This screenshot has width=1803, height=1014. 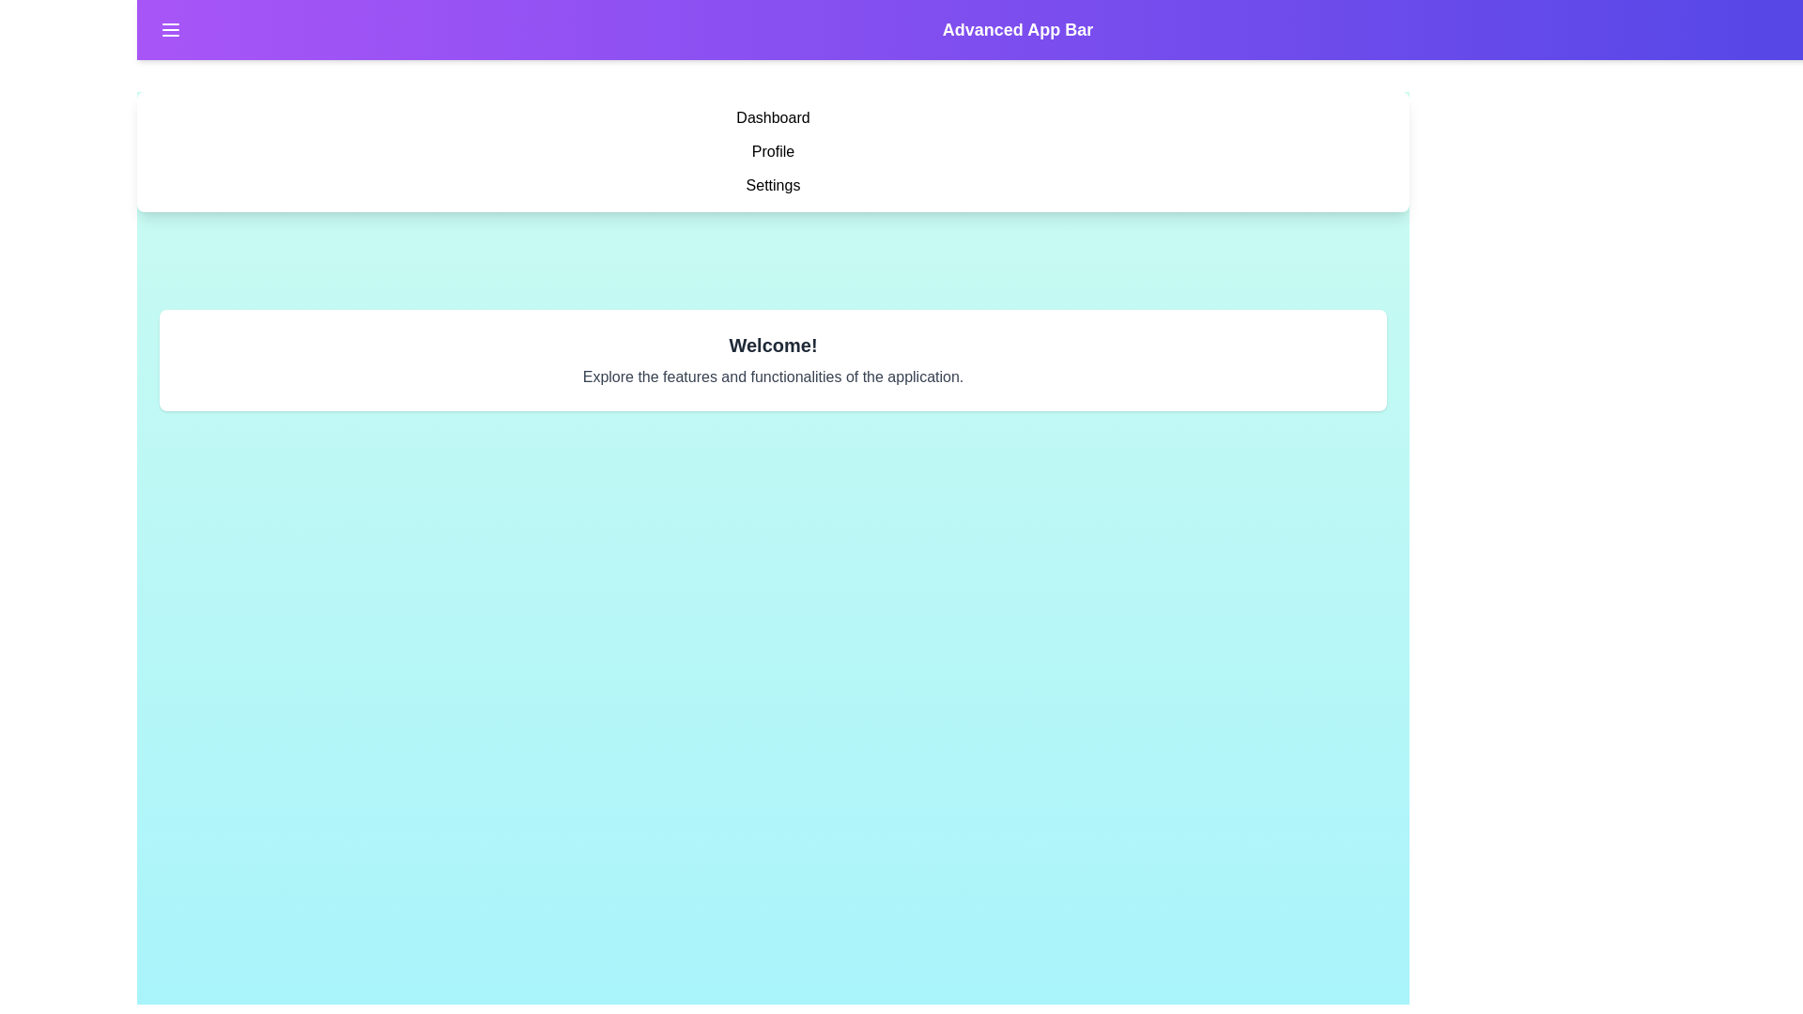 I want to click on the menu button to toggle the menu visibility, so click(x=171, y=29).